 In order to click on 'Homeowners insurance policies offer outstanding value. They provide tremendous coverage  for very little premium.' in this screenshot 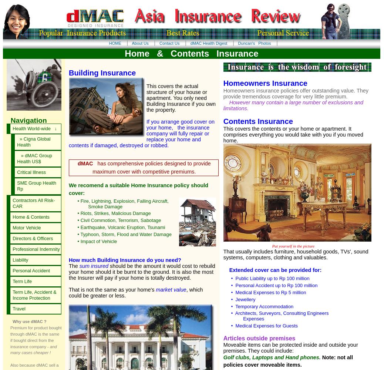, I will do `click(295, 93)`.